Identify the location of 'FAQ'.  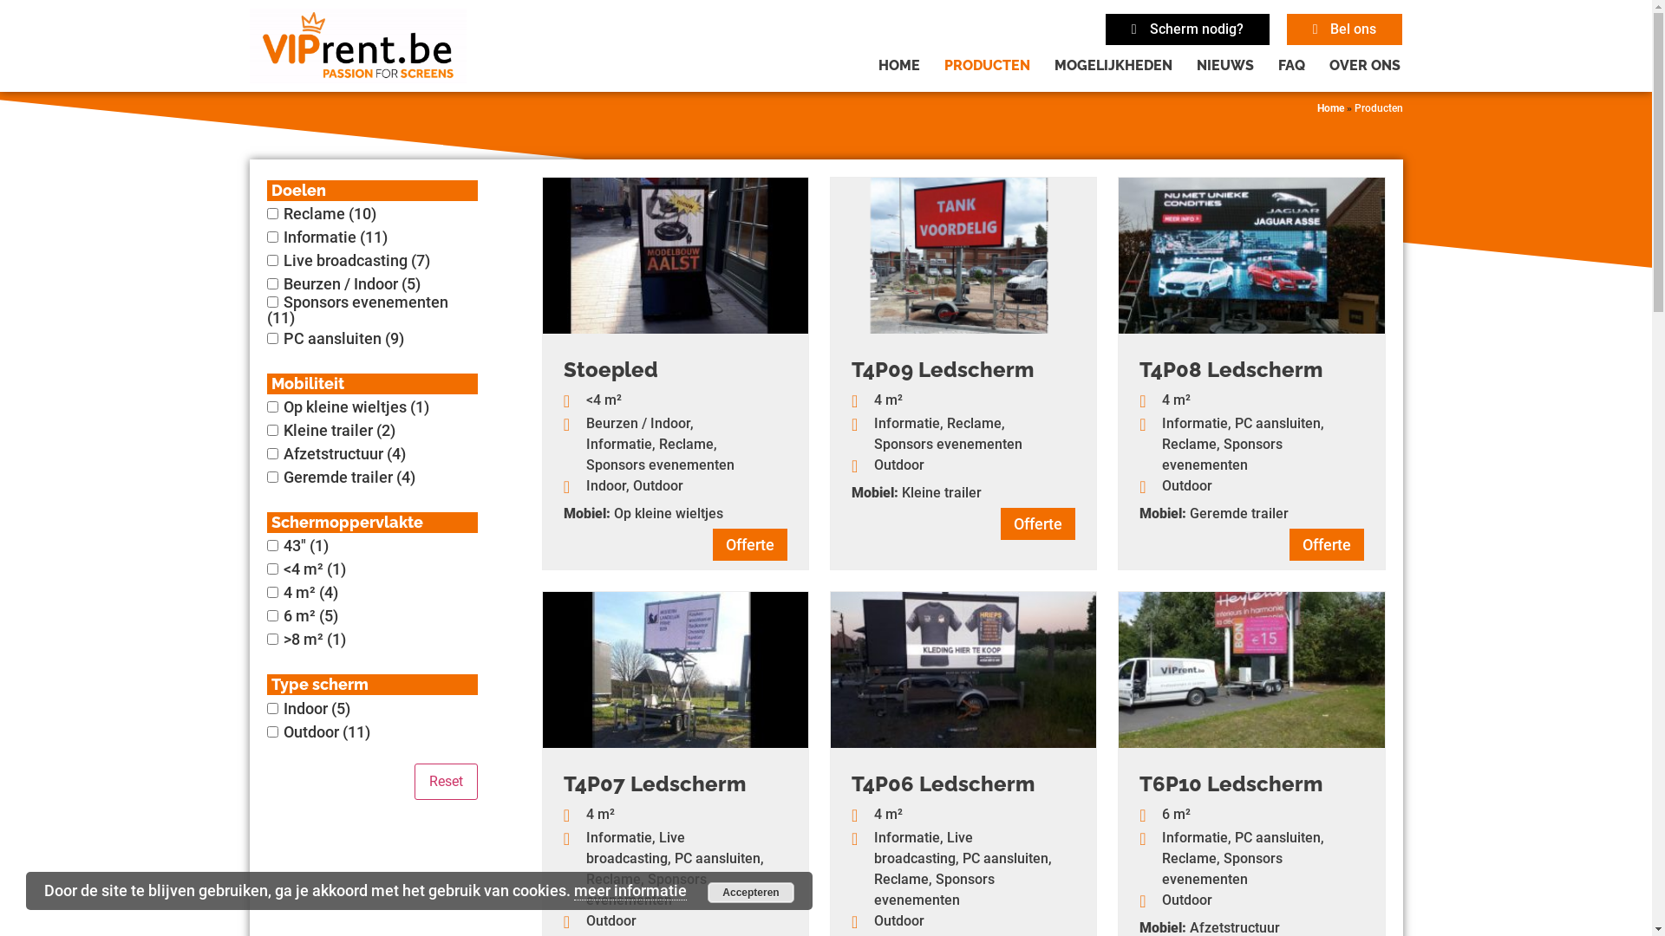
(1291, 65).